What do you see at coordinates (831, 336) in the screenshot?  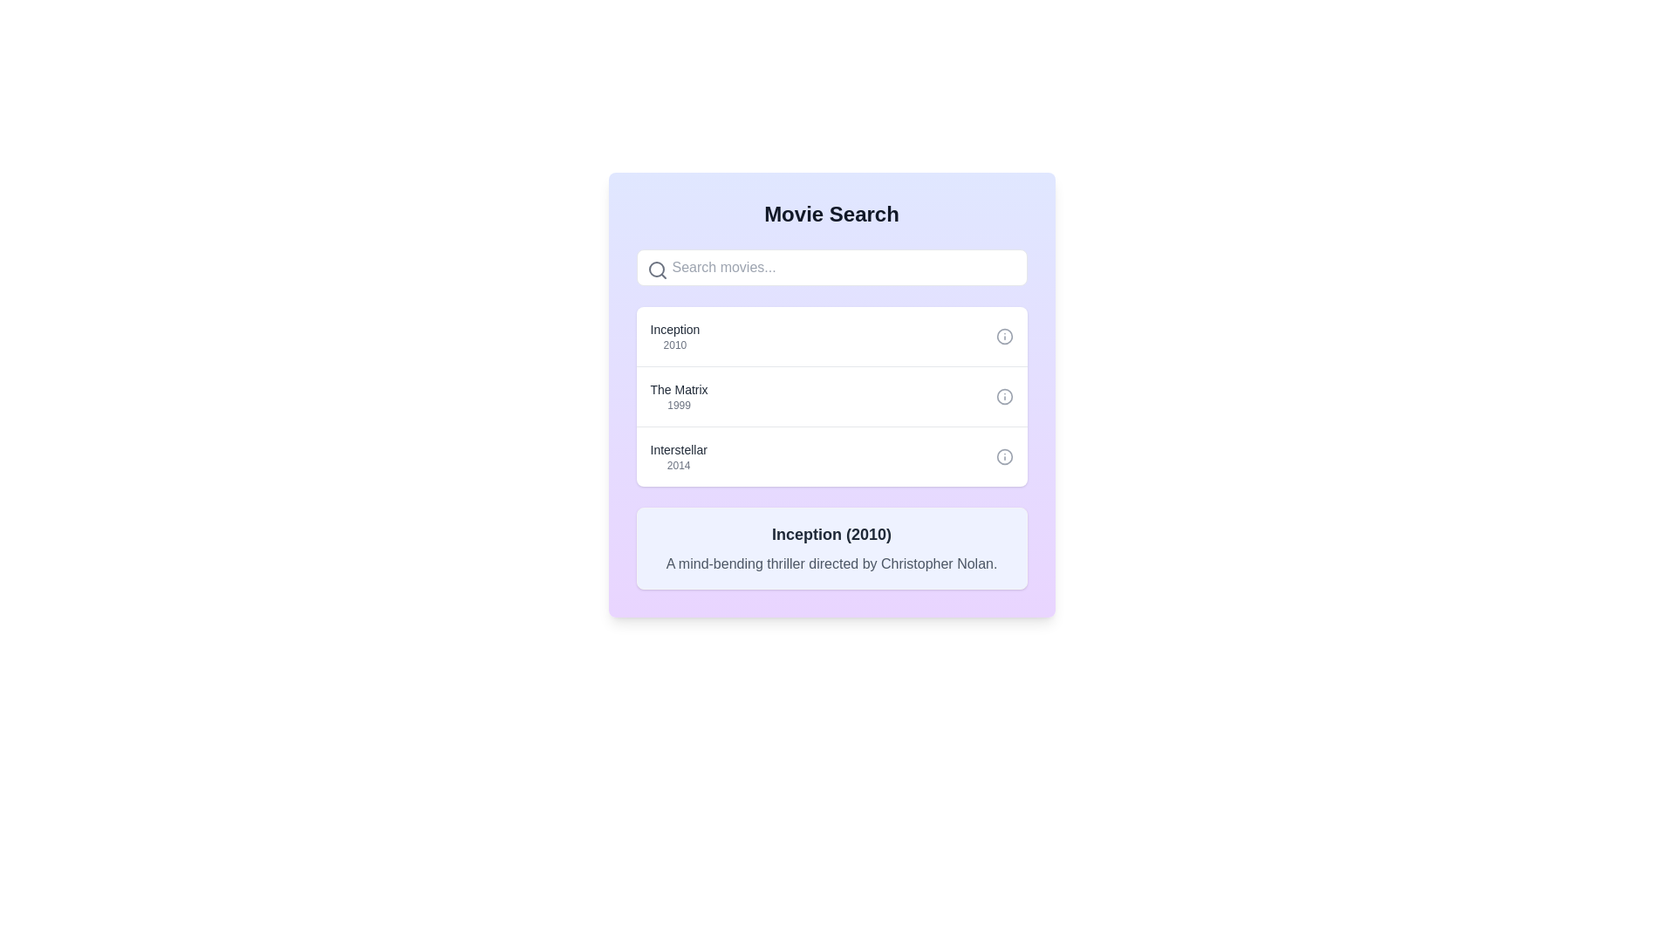 I see `the first list entry for the movie 'Inception' in the card-like interface, located below the 'Search movies...' bar` at bounding box center [831, 336].